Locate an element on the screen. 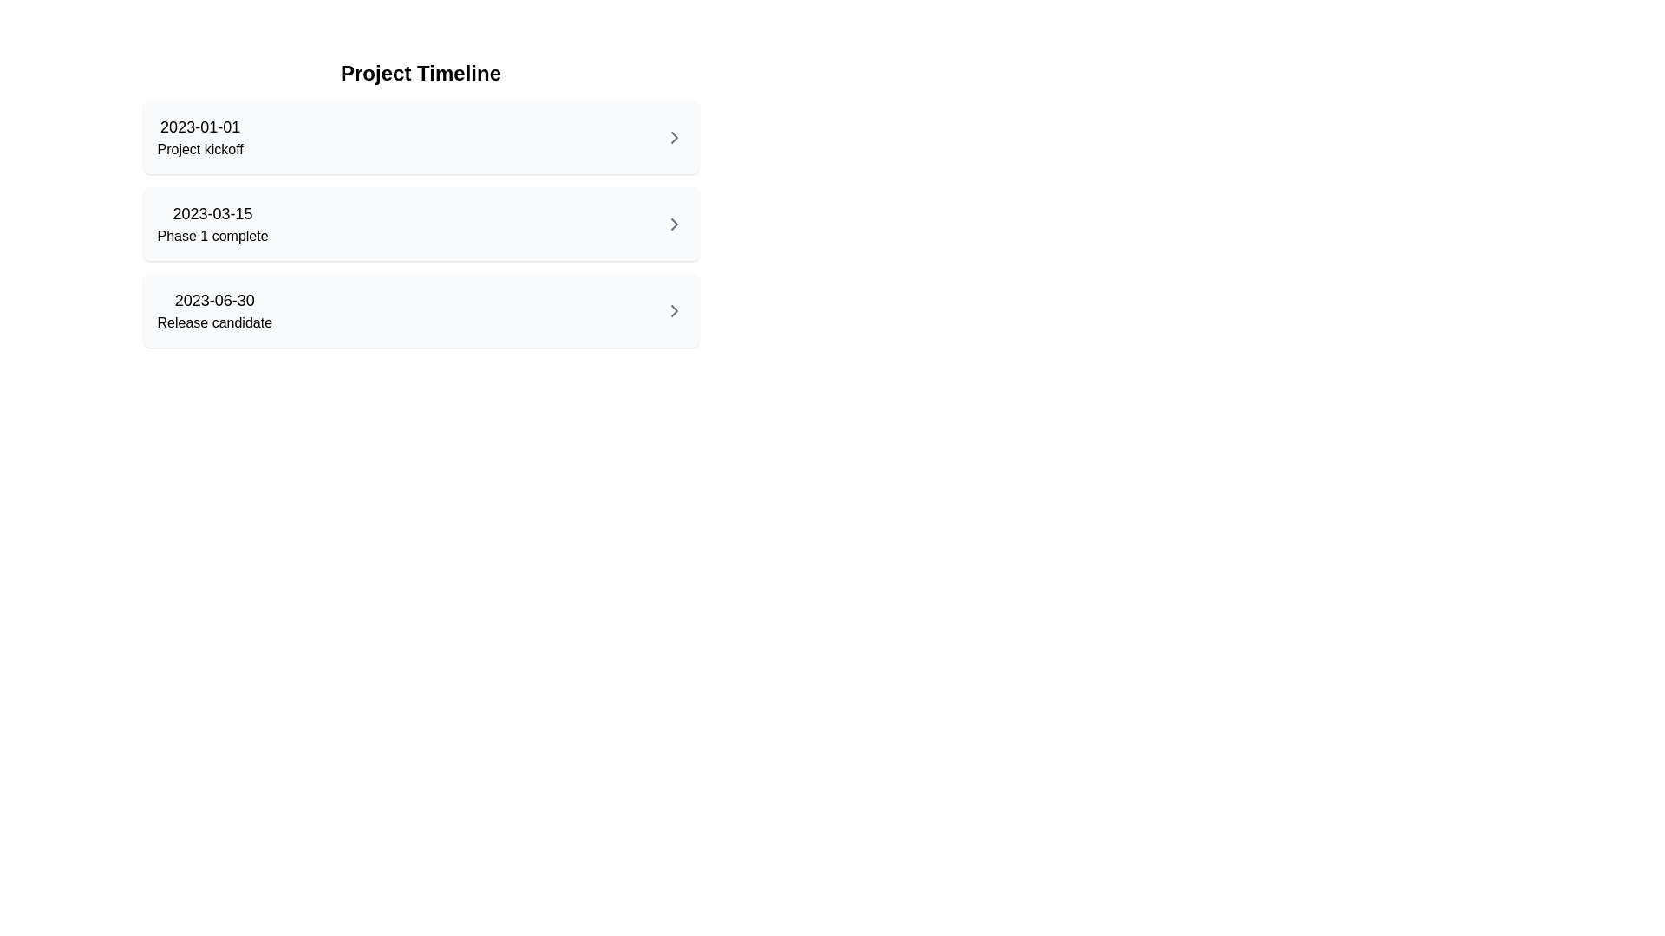  the text block displaying the date '2023-01-01' and the text 'Project kickoff', which is the first element under the title 'Project Timeline' is located at coordinates (200, 136).